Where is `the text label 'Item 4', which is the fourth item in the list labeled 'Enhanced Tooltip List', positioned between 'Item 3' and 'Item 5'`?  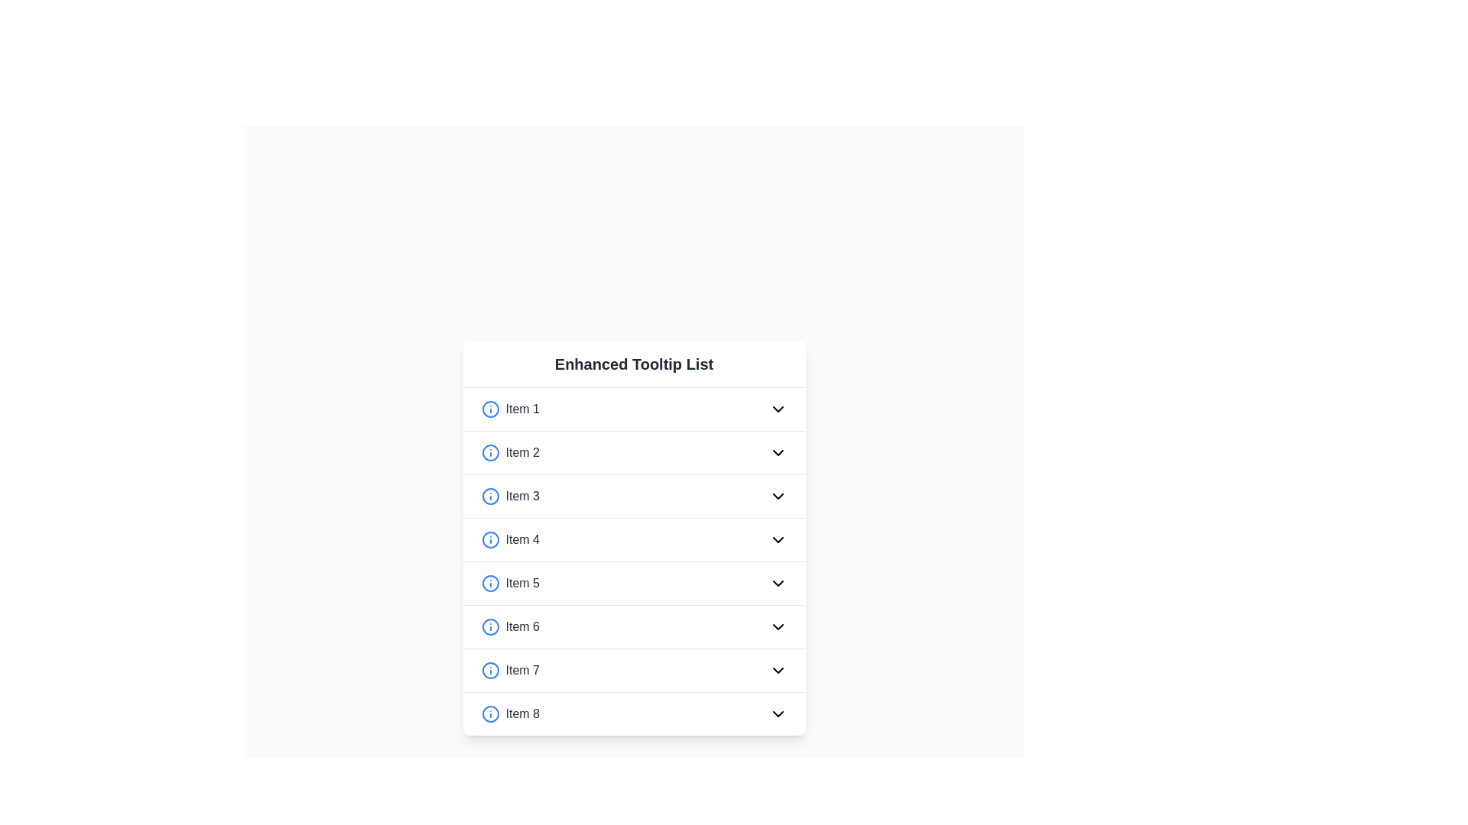
the text label 'Item 4', which is the fourth item in the list labeled 'Enhanced Tooltip List', positioned between 'Item 3' and 'Item 5' is located at coordinates (522, 539).